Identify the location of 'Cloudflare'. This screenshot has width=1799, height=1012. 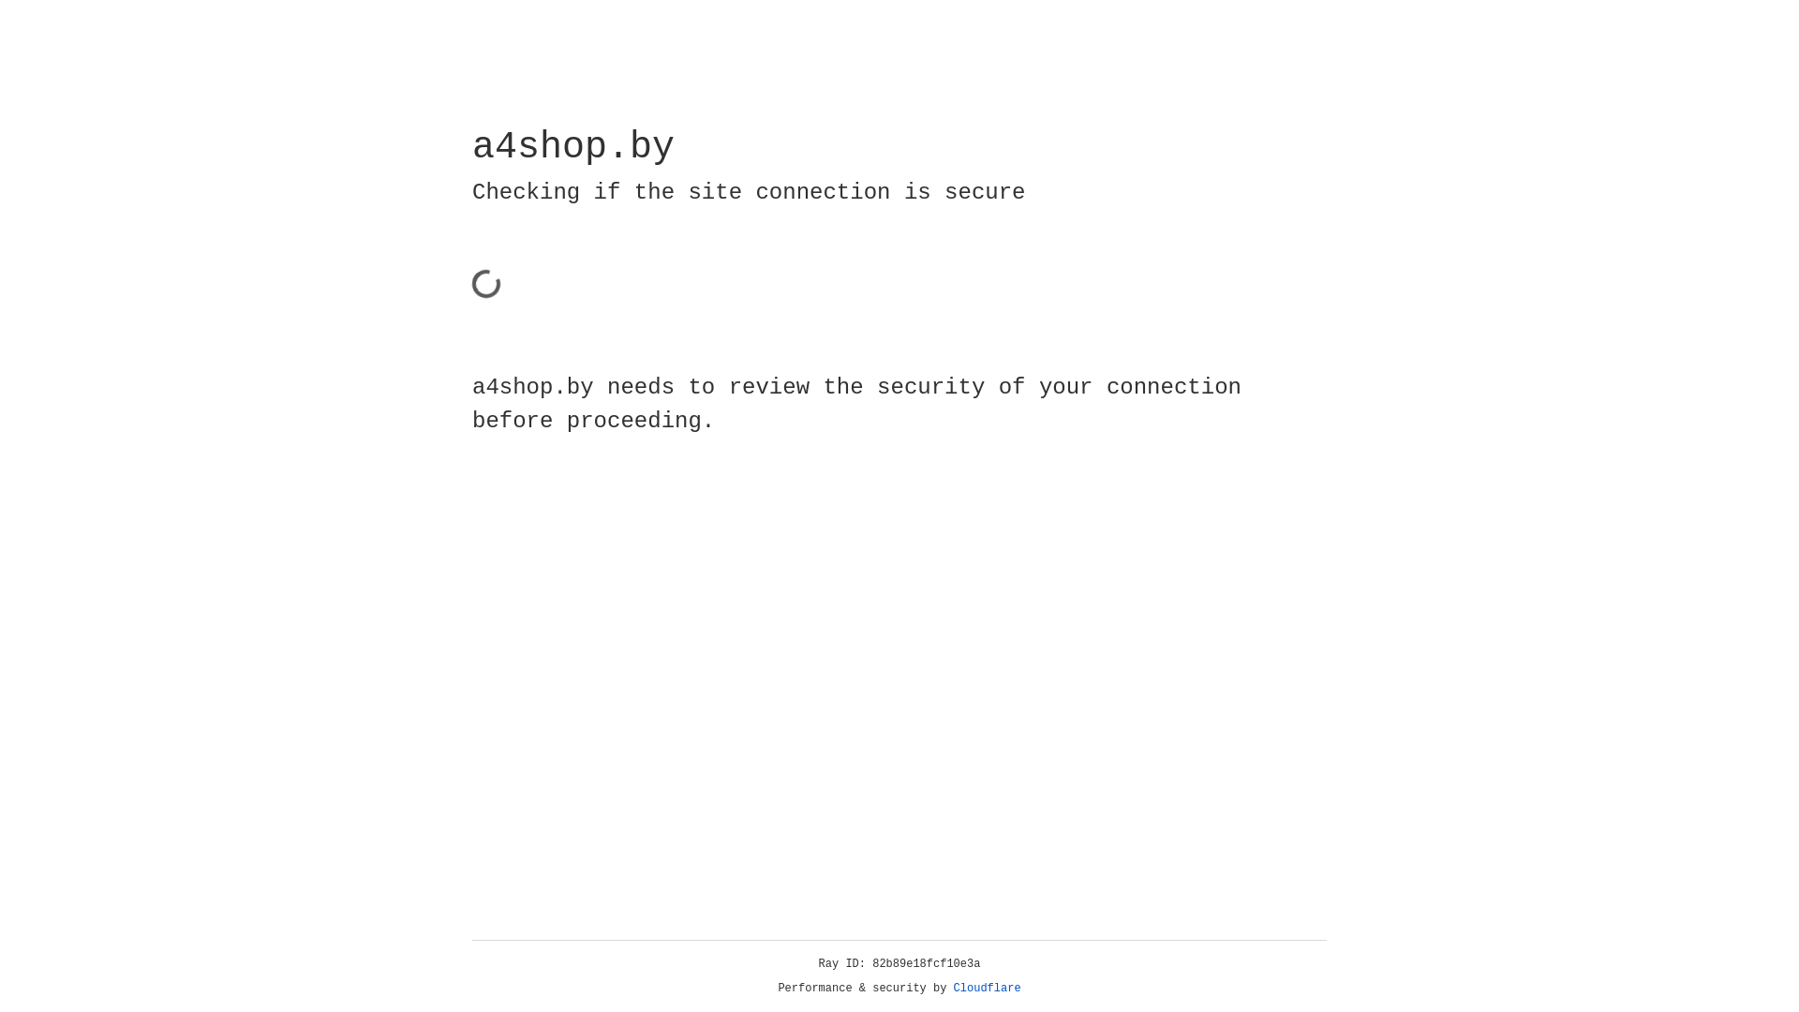
(953, 988).